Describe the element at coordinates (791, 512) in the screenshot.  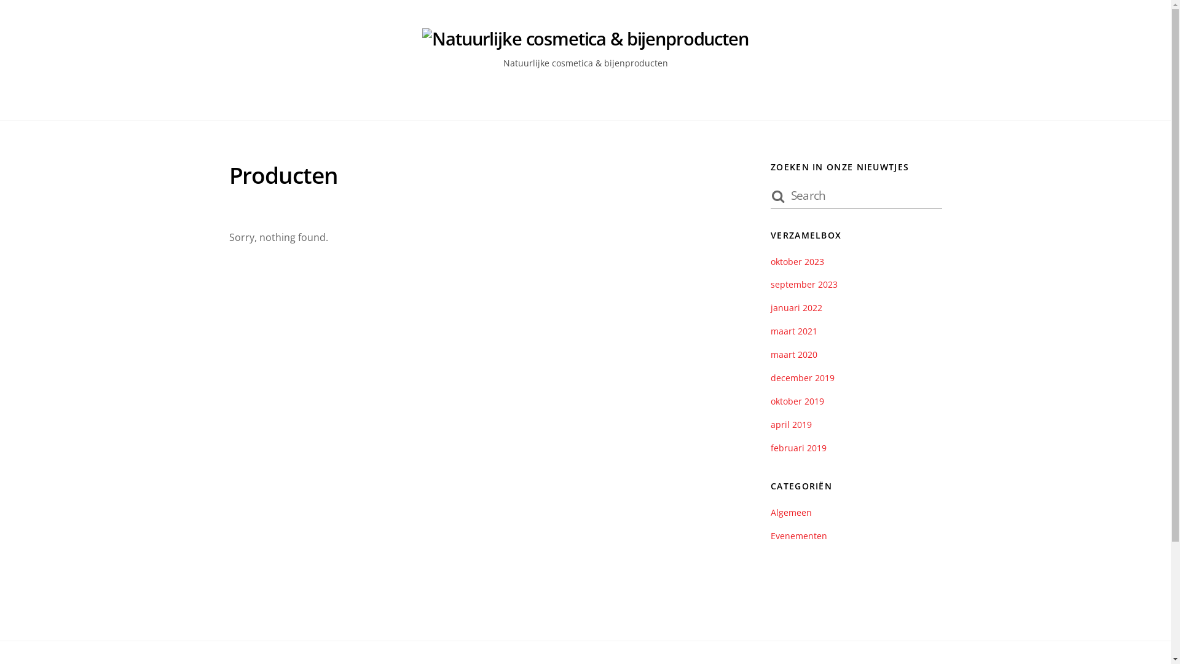
I see `'Algemeen'` at that location.